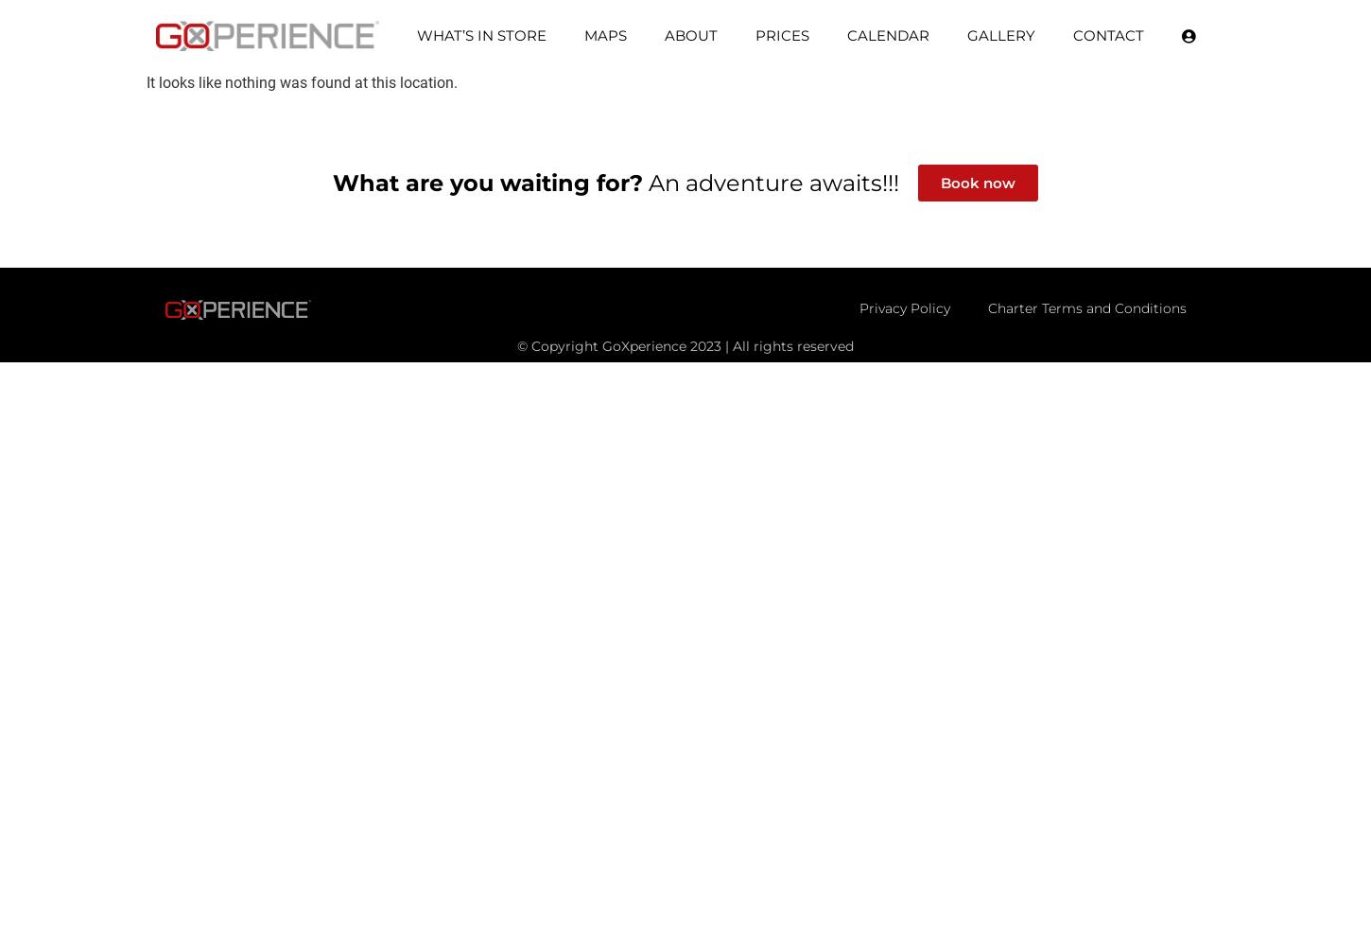 This screenshot has height=946, width=1371. I want to click on 'Calendar', so click(886, 35).